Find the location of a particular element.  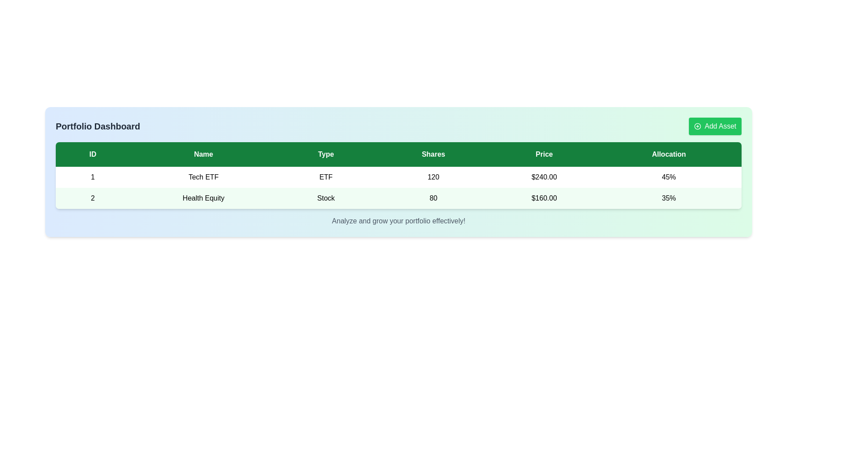

text label 'Stock' which is in black font on a light green background, located in the 'Type' column of the second row in the table displaying portfolio items is located at coordinates (325, 198).